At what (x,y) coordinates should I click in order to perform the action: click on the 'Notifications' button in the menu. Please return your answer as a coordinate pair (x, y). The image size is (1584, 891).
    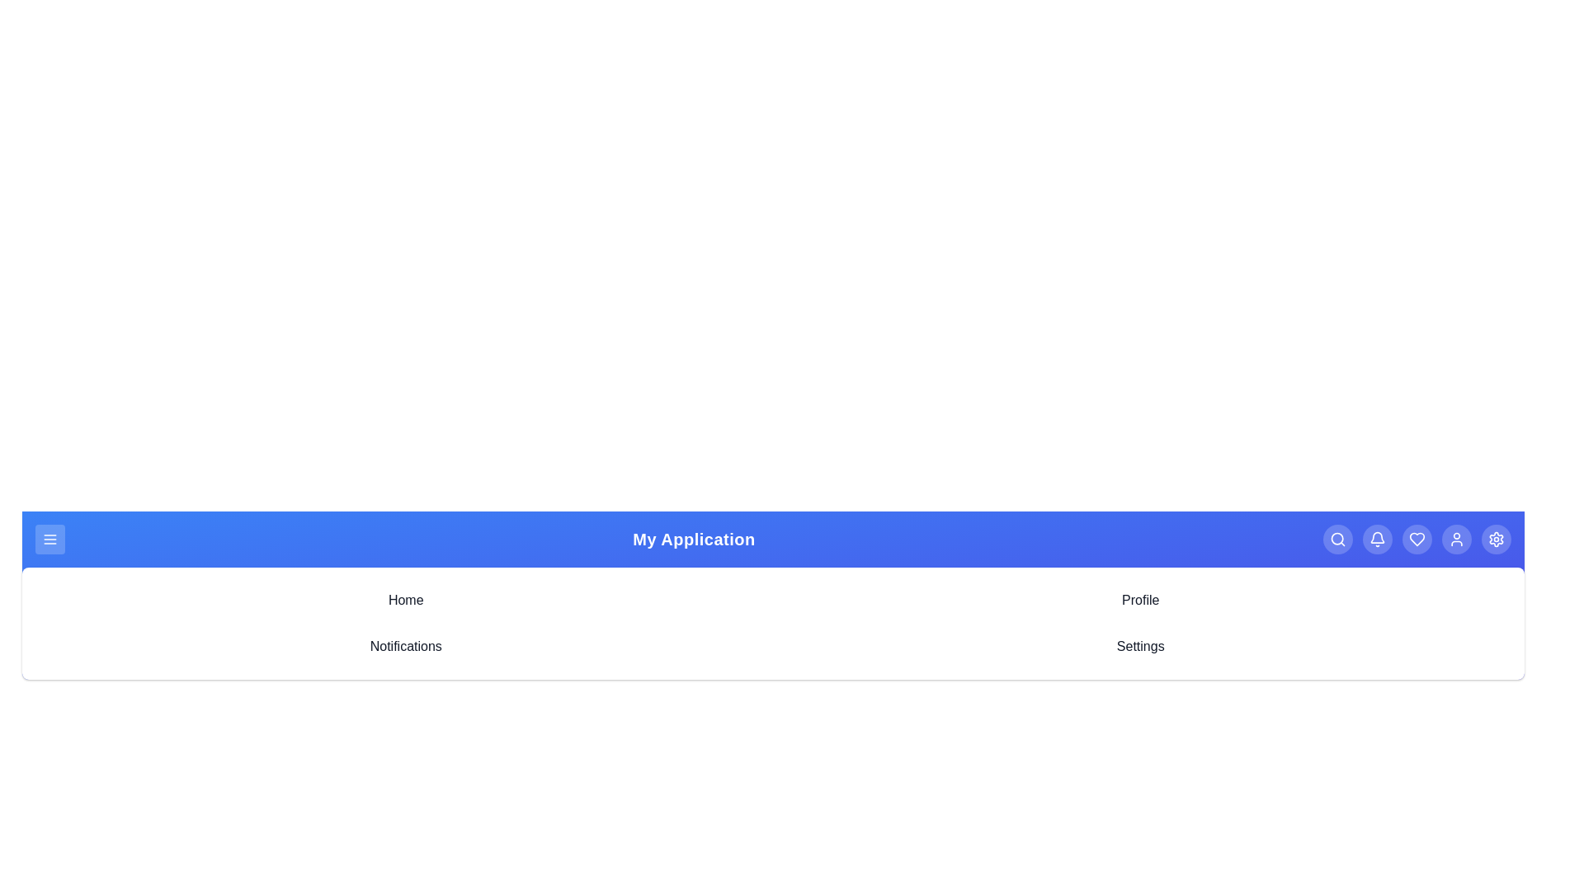
    Looking at the image, I should click on (406, 645).